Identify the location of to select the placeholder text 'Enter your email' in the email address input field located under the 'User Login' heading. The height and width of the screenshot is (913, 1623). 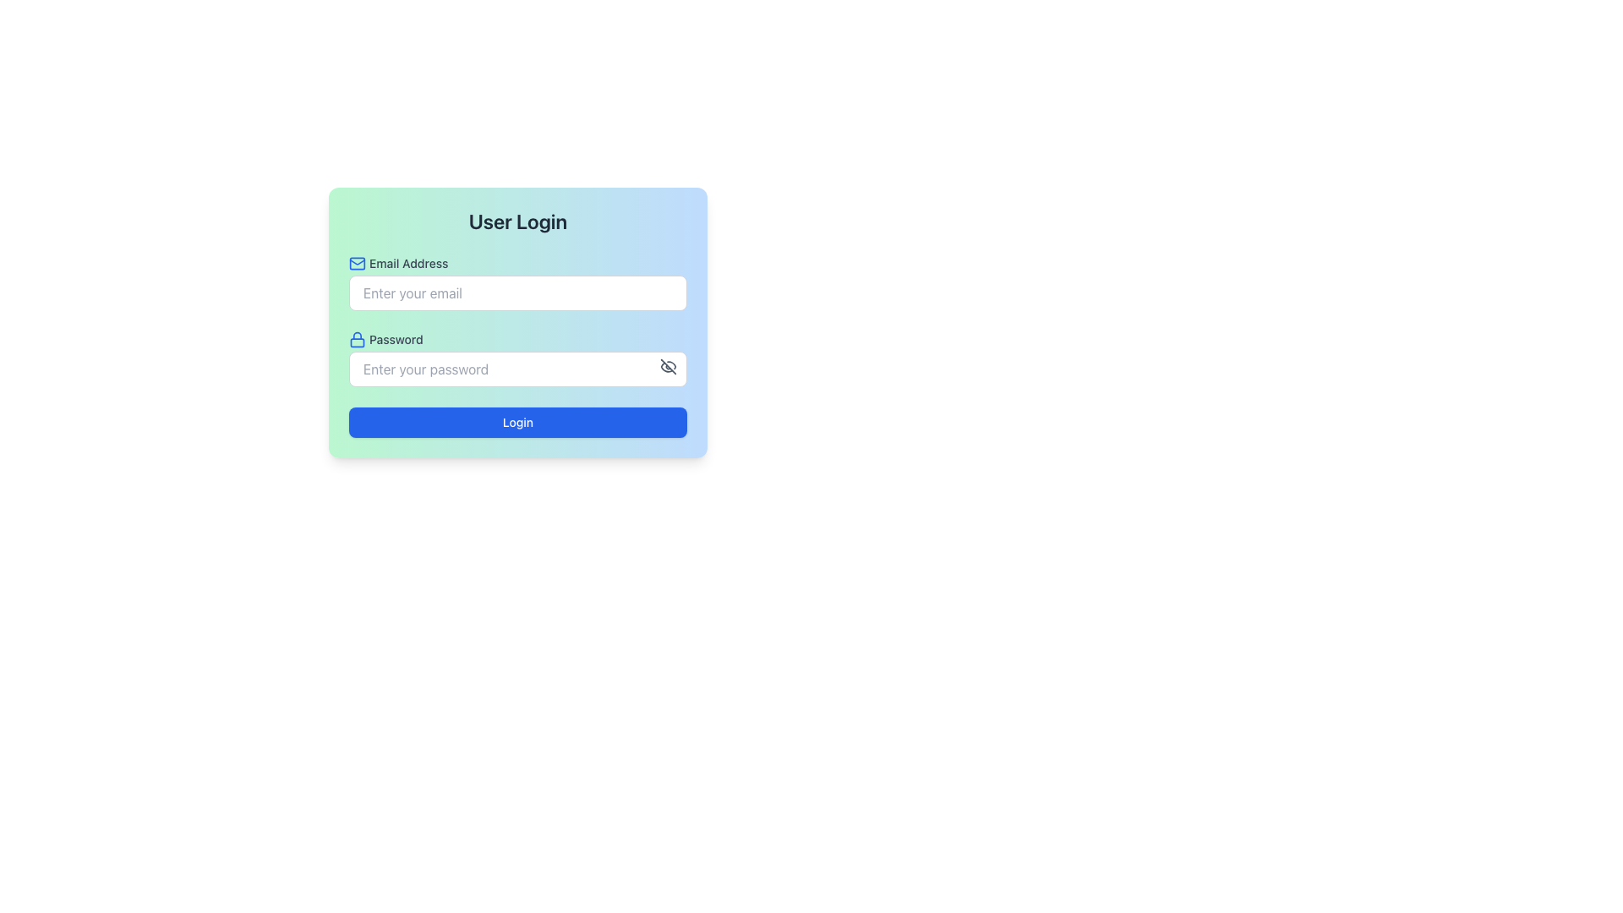
(517, 282).